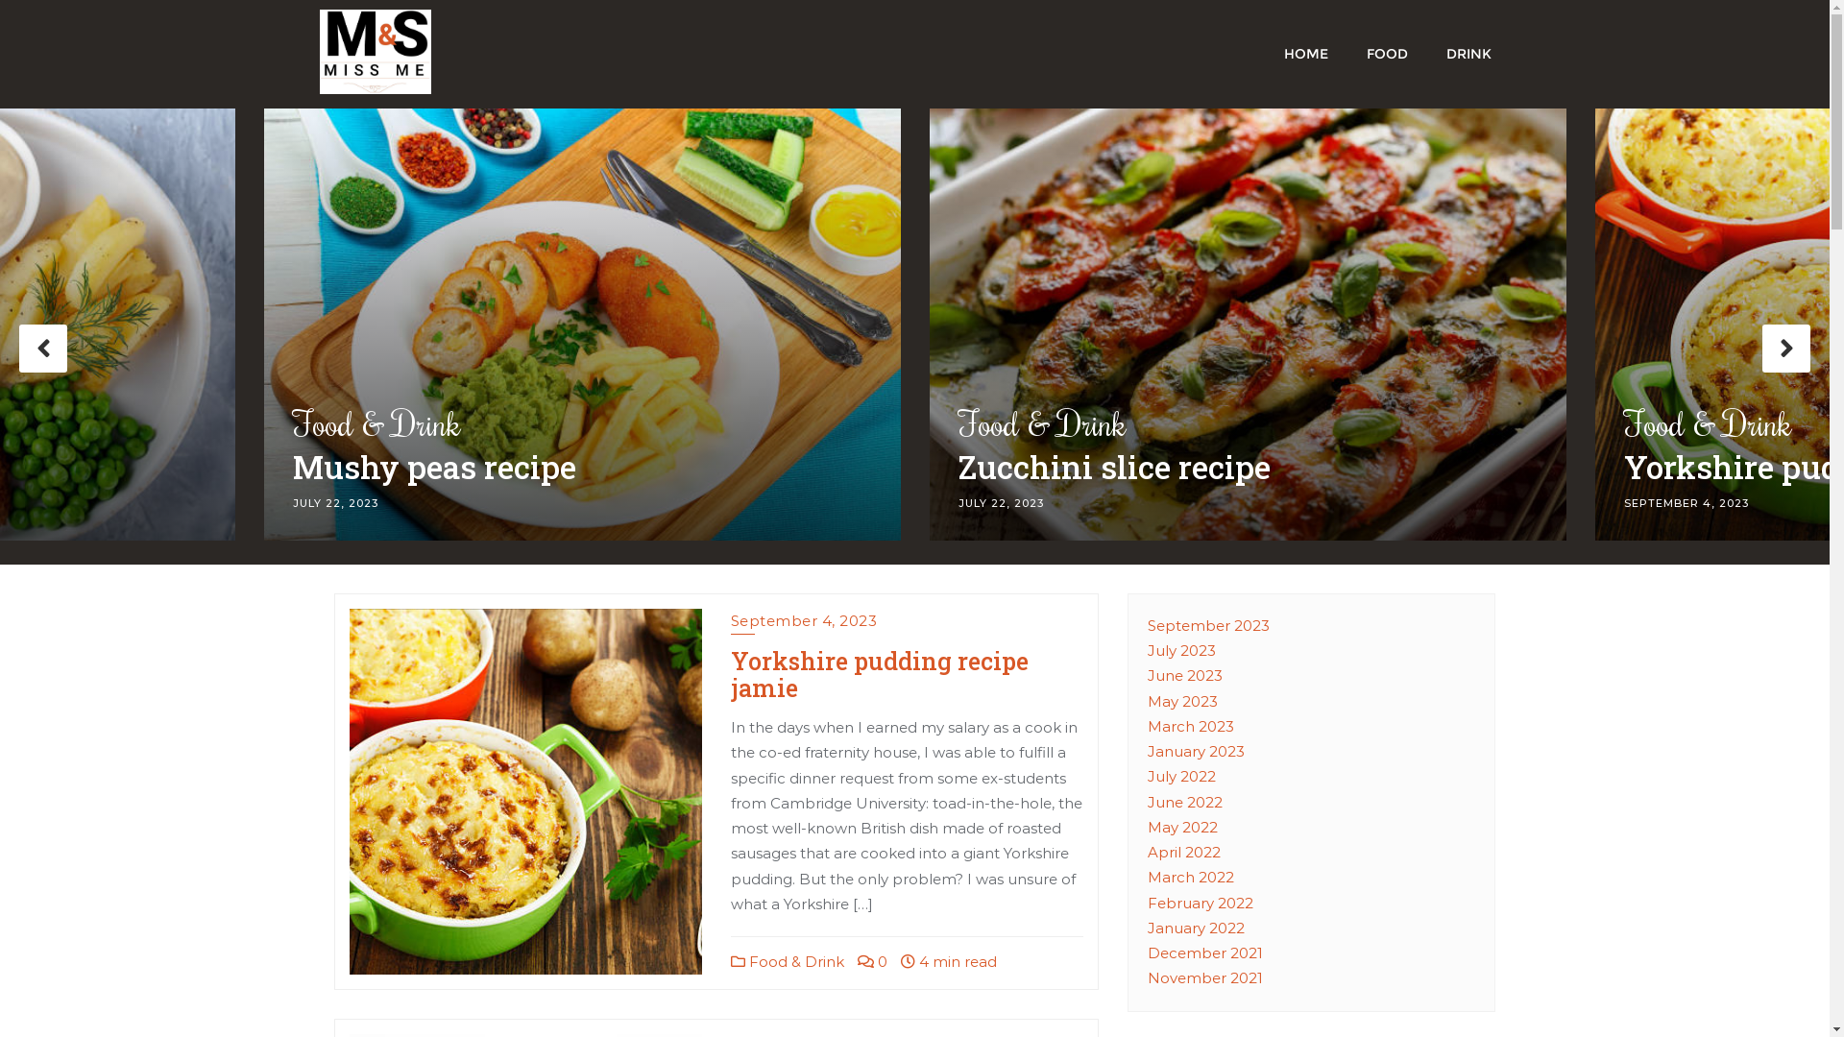 The image size is (1844, 1037). Describe the element at coordinates (1468, 51) in the screenshot. I see `'DRINK'` at that location.